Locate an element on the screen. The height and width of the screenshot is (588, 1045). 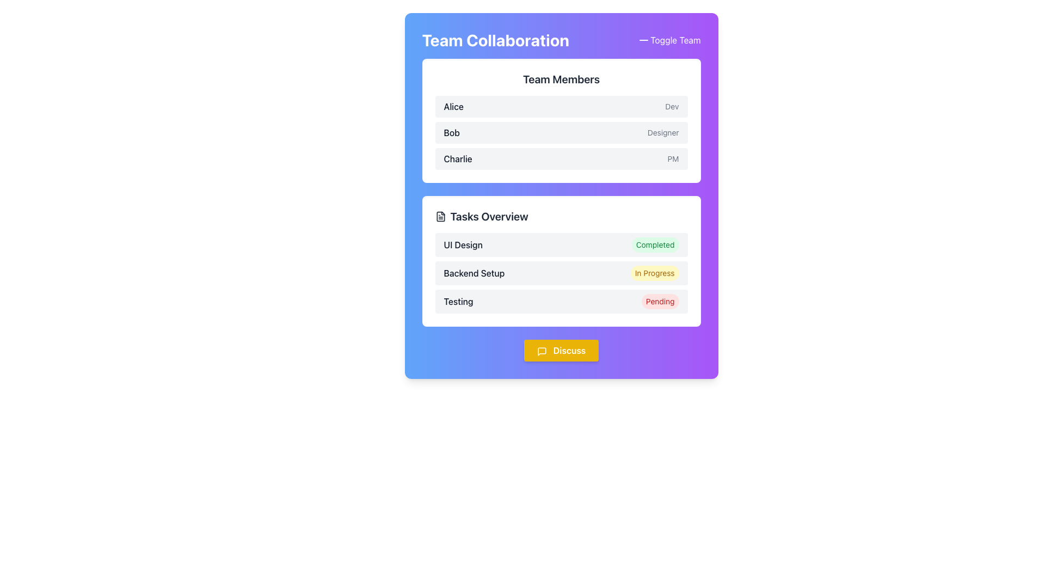
the list item displaying 'Bob Designer' in the middle row of the 'Team Members' section is located at coordinates (561, 132).